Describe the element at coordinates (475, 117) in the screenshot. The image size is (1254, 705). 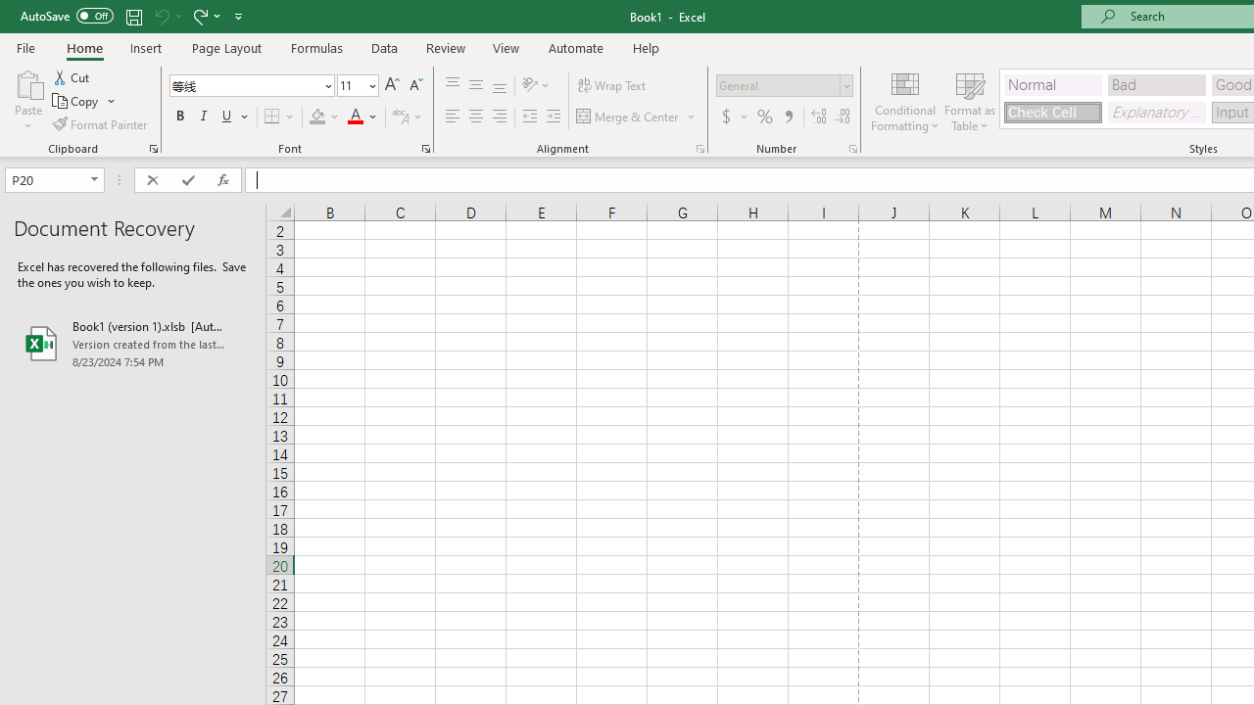
I see `'Center'` at that location.